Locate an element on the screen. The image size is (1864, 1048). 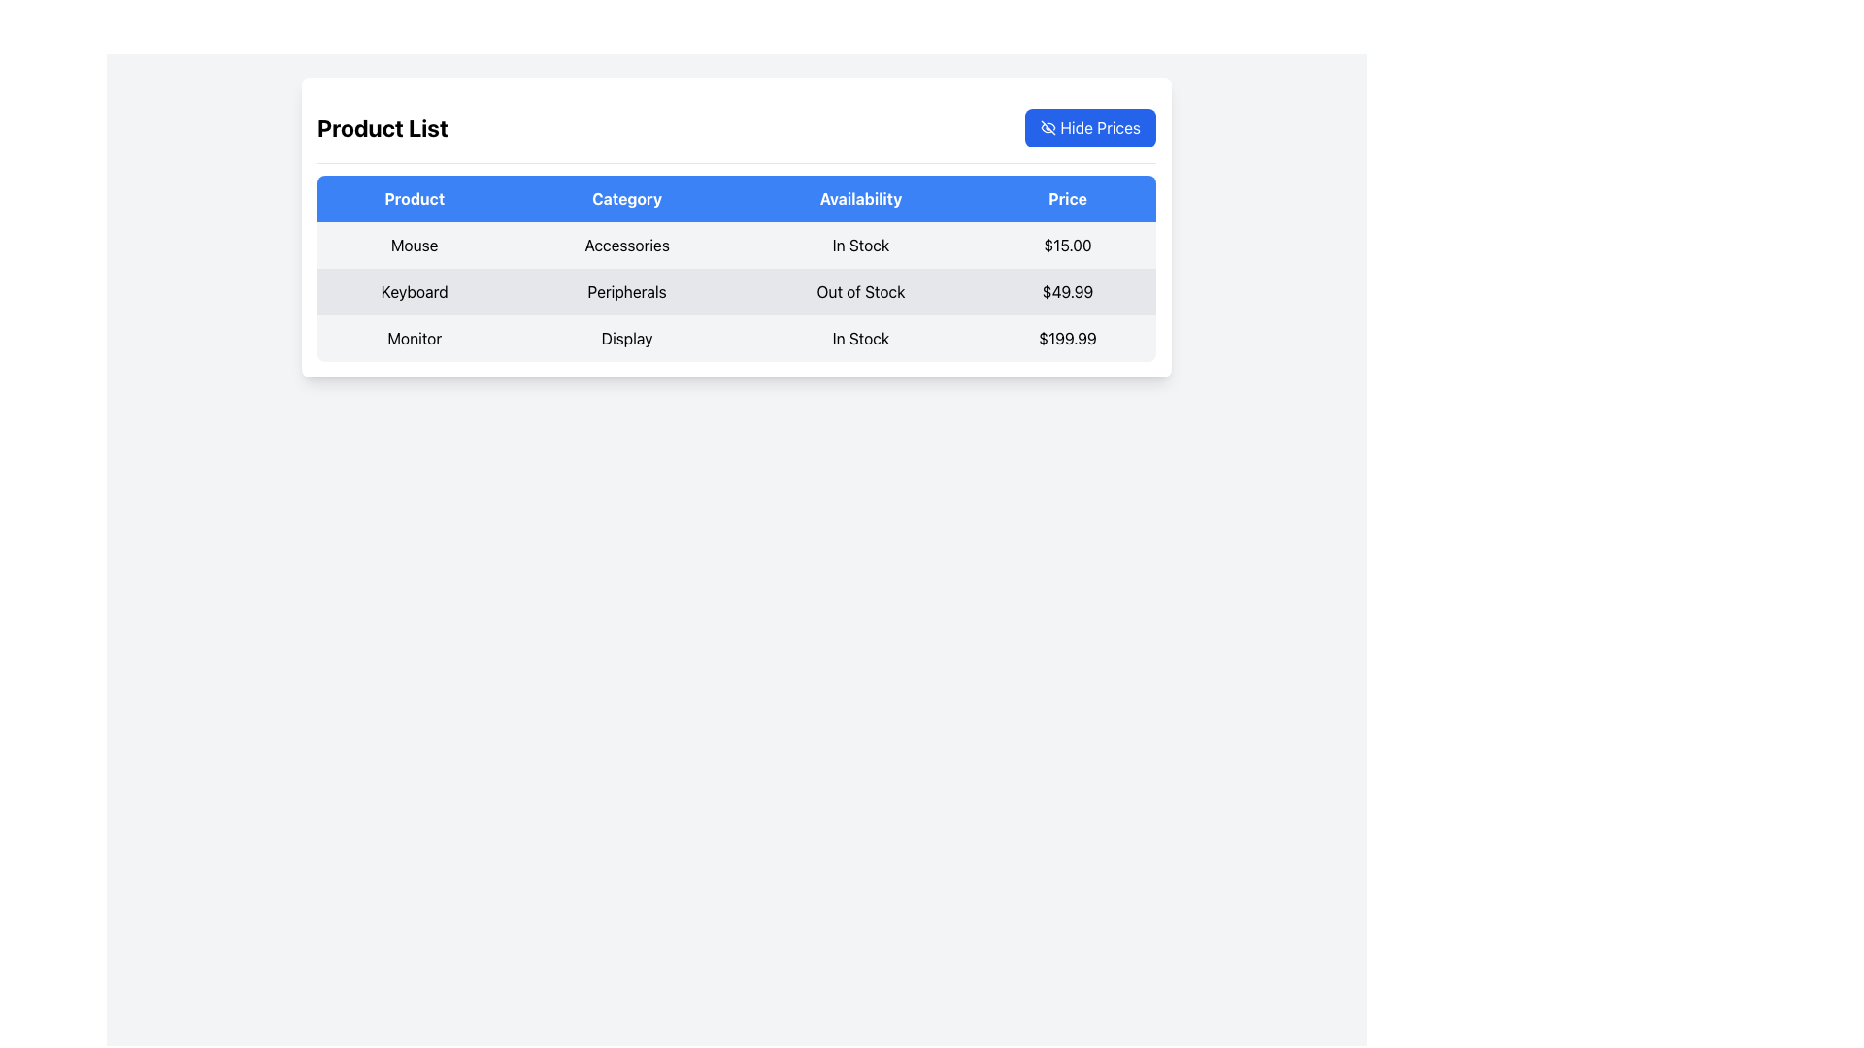
the 'In Stock' text label in the 'Availability' column of the product 'Mouse' within the table under the 'Product List' heading is located at coordinates (860, 245).